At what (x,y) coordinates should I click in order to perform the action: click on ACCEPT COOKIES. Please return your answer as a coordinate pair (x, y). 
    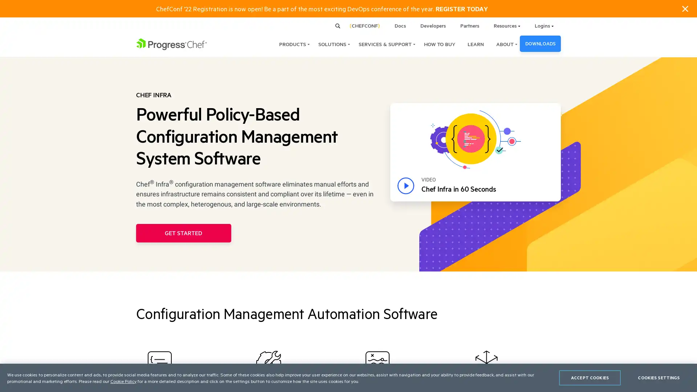
    Looking at the image, I should click on (590, 377).